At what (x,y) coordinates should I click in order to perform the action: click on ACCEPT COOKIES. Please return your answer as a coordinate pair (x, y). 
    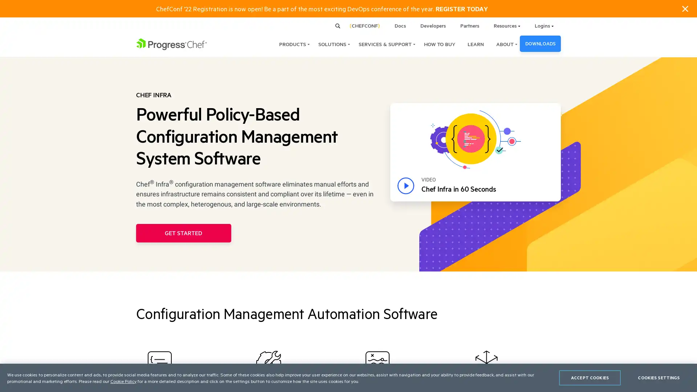
    Looking at the image, I should click on (590, 377).